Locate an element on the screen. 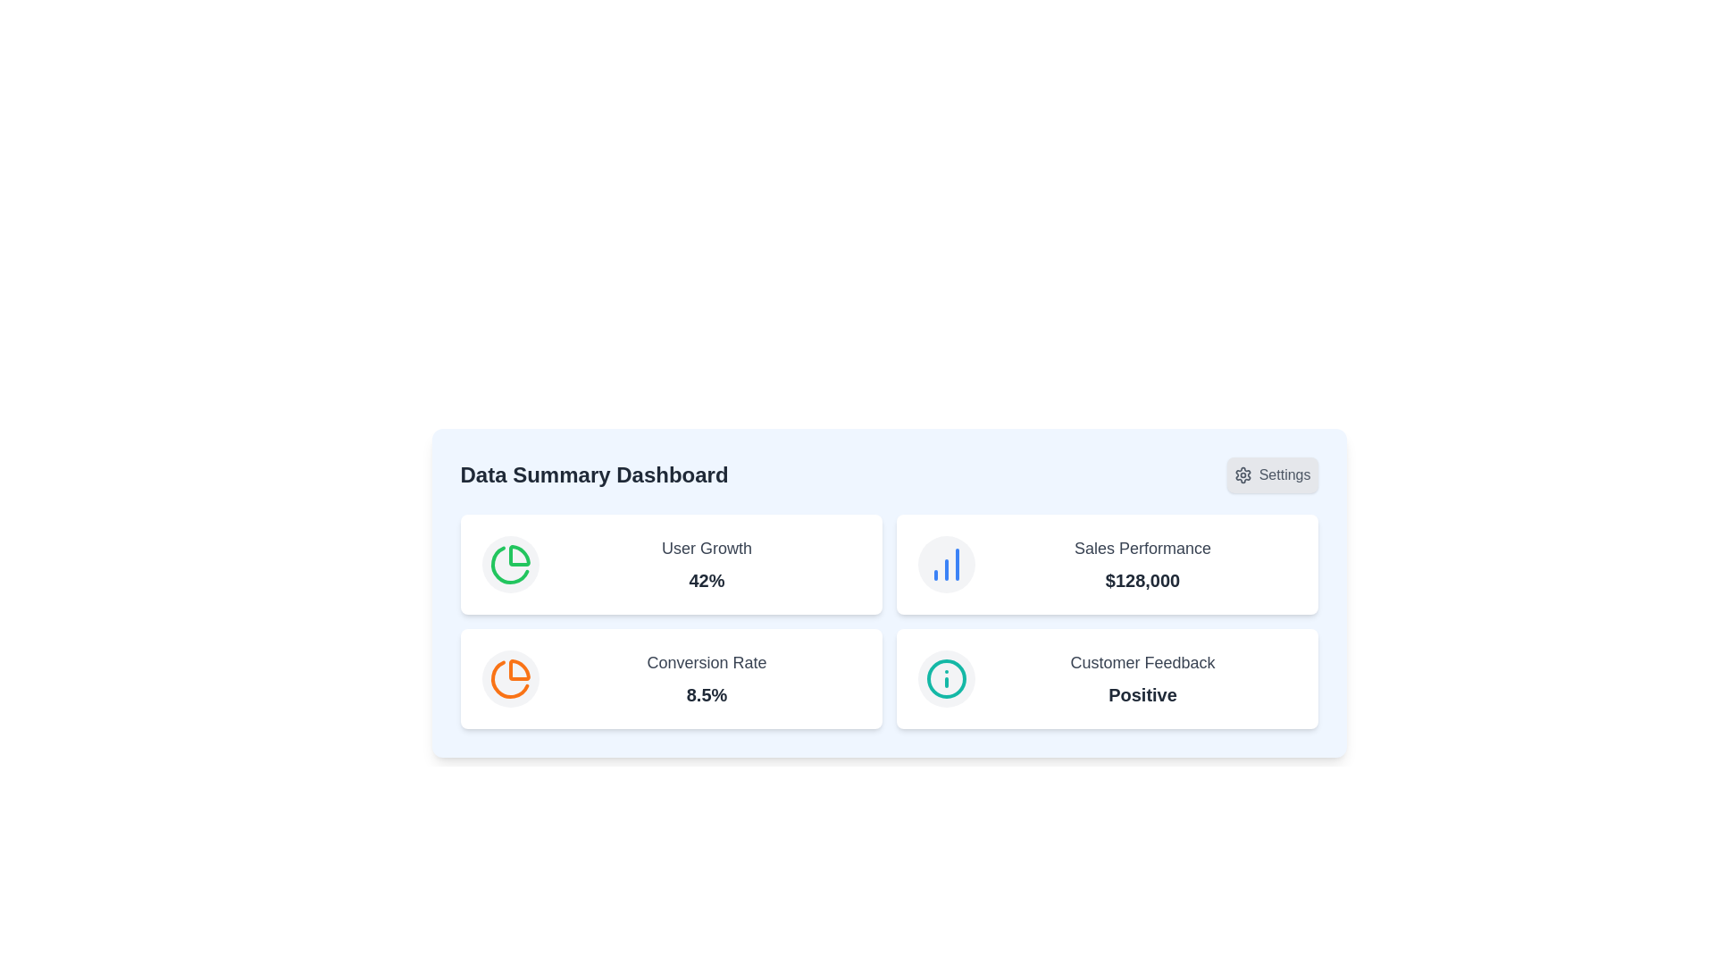  the outermost circular border of the 'info' icon, located in the lower-right segment of the dashboard interface, adjacent to the 'Customer Feedback' and 'Positive' text is located at coordinates (945, 678).